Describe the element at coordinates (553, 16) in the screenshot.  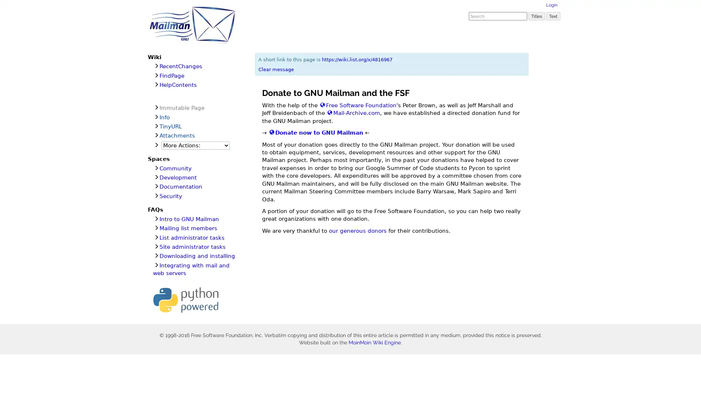
I see `Text` at that location.